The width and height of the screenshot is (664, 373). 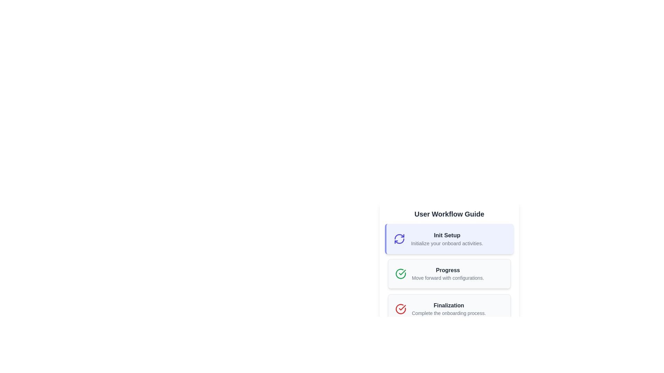 I want to click on the static text description or subtitle that says 'Initialize your onboard activities.' This element is styled in a small font size and light gray color, positioned directly below the 'Init Setup' title in the step-by-step guide interface, so click(x=447, y=243).